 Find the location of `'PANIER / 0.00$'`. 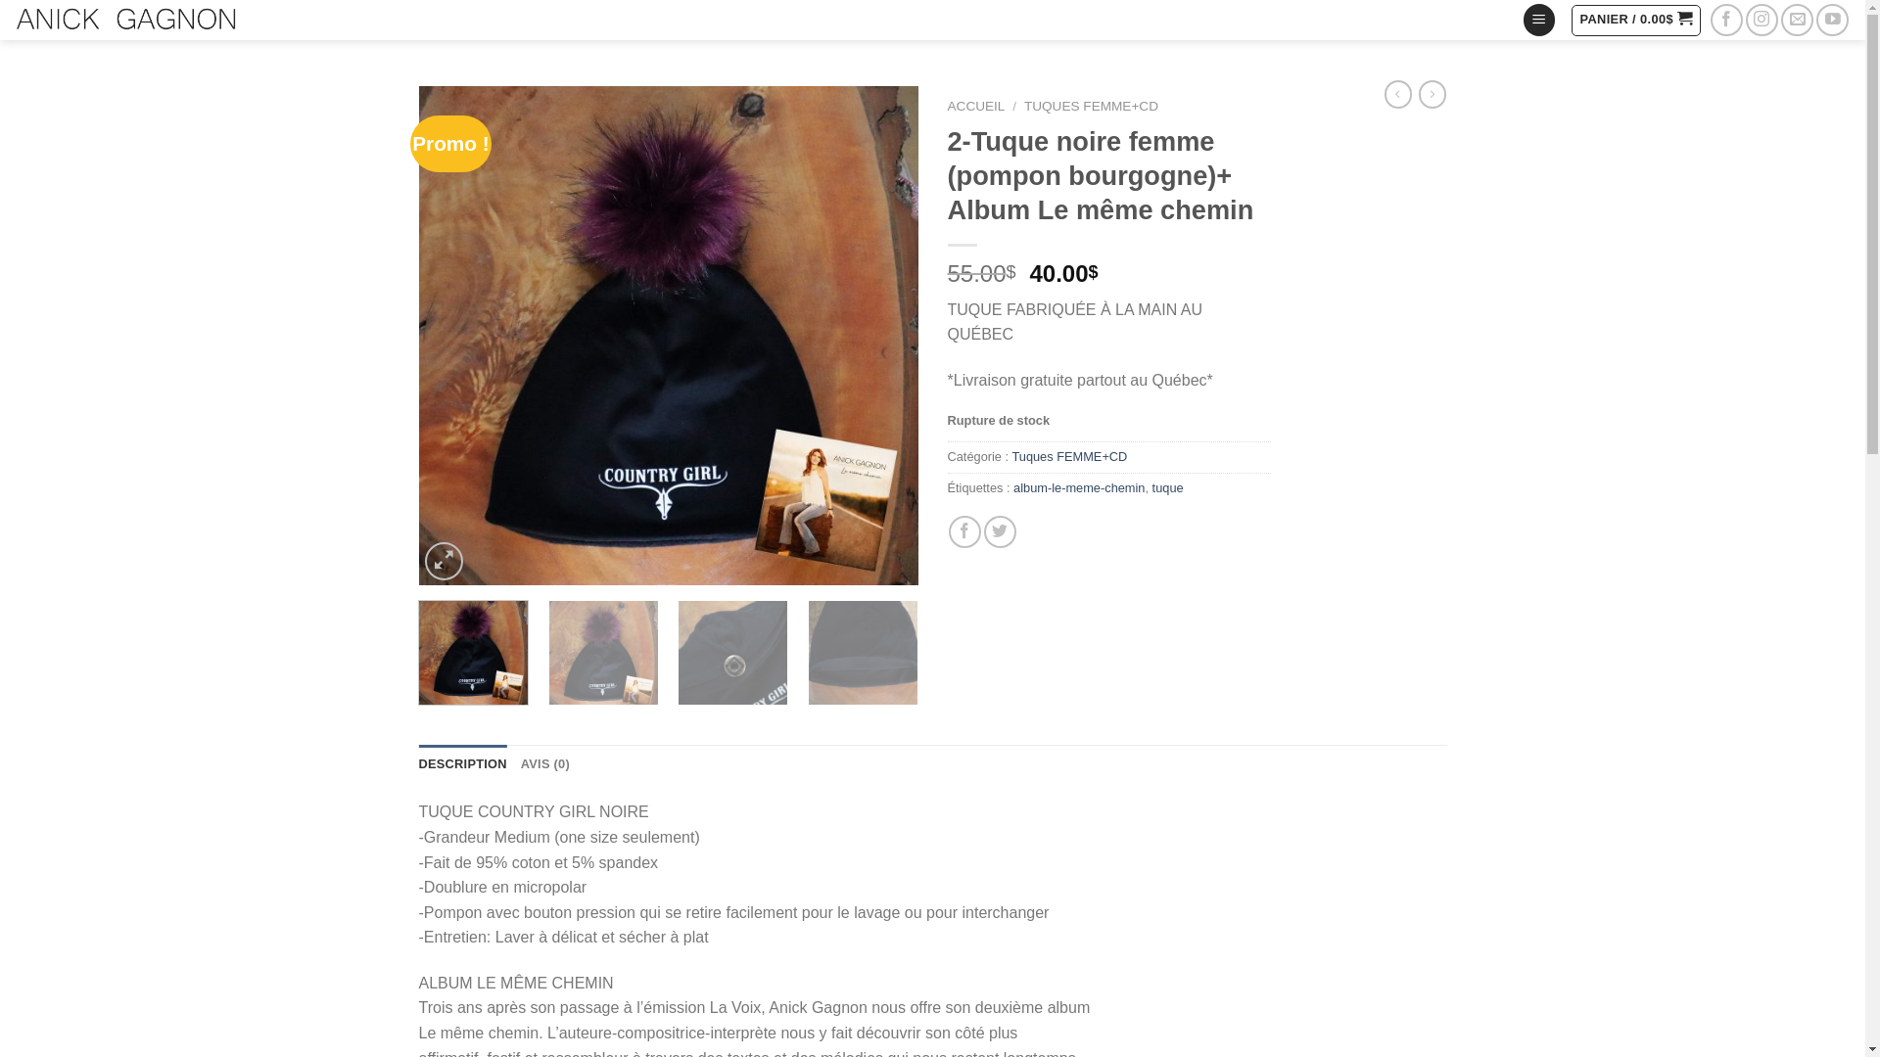

'PANIER / 0.00$' is located at coordinates (1635, 19).